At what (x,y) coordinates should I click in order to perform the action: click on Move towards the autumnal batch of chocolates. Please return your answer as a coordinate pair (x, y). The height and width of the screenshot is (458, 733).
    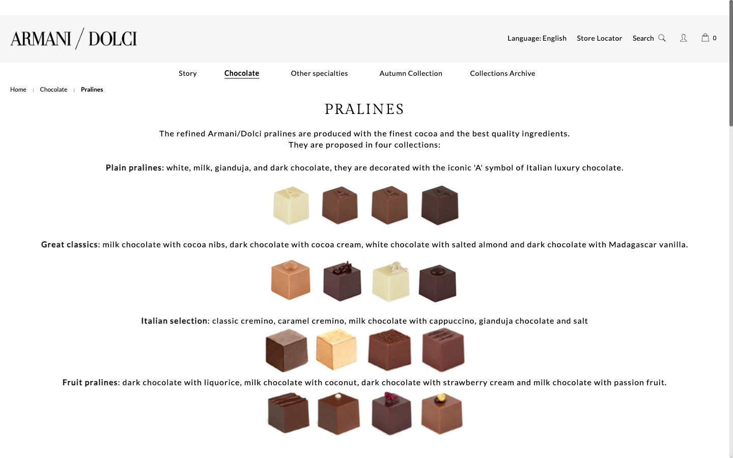
    Looking at the image, I should click on (411, 73).